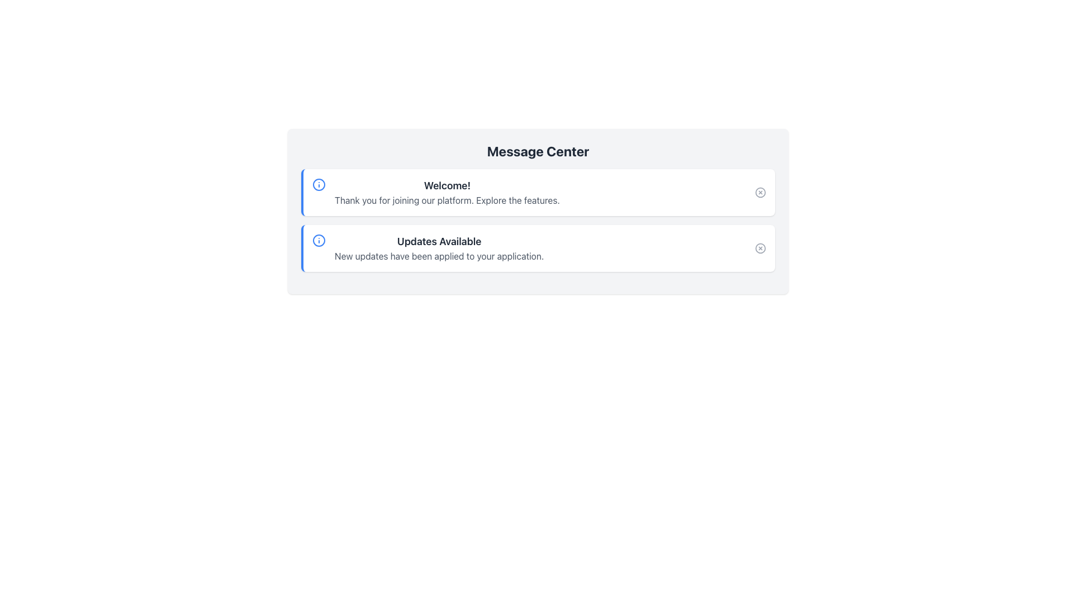  Describe the element at coordinates (428, 247) in the screenshot. I see `informational text block that provides updates applied to the application, located below the 'Welcome!' notification in a vertically stacked list of notifications` at that location.